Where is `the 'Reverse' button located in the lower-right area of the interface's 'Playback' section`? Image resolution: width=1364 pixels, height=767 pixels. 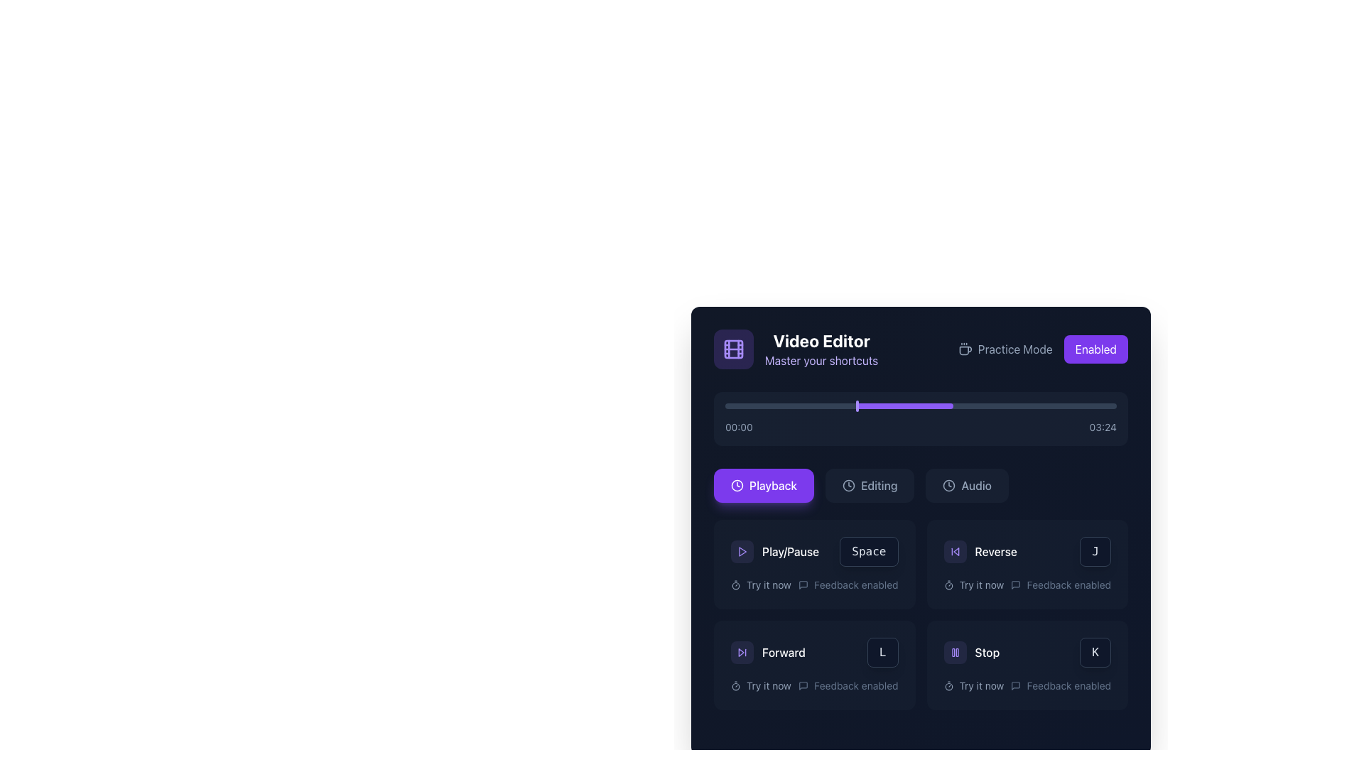
the 'Reverse' button located in the lower-right area of the interface's 'Playback' section is located at coordinates (980, 550).